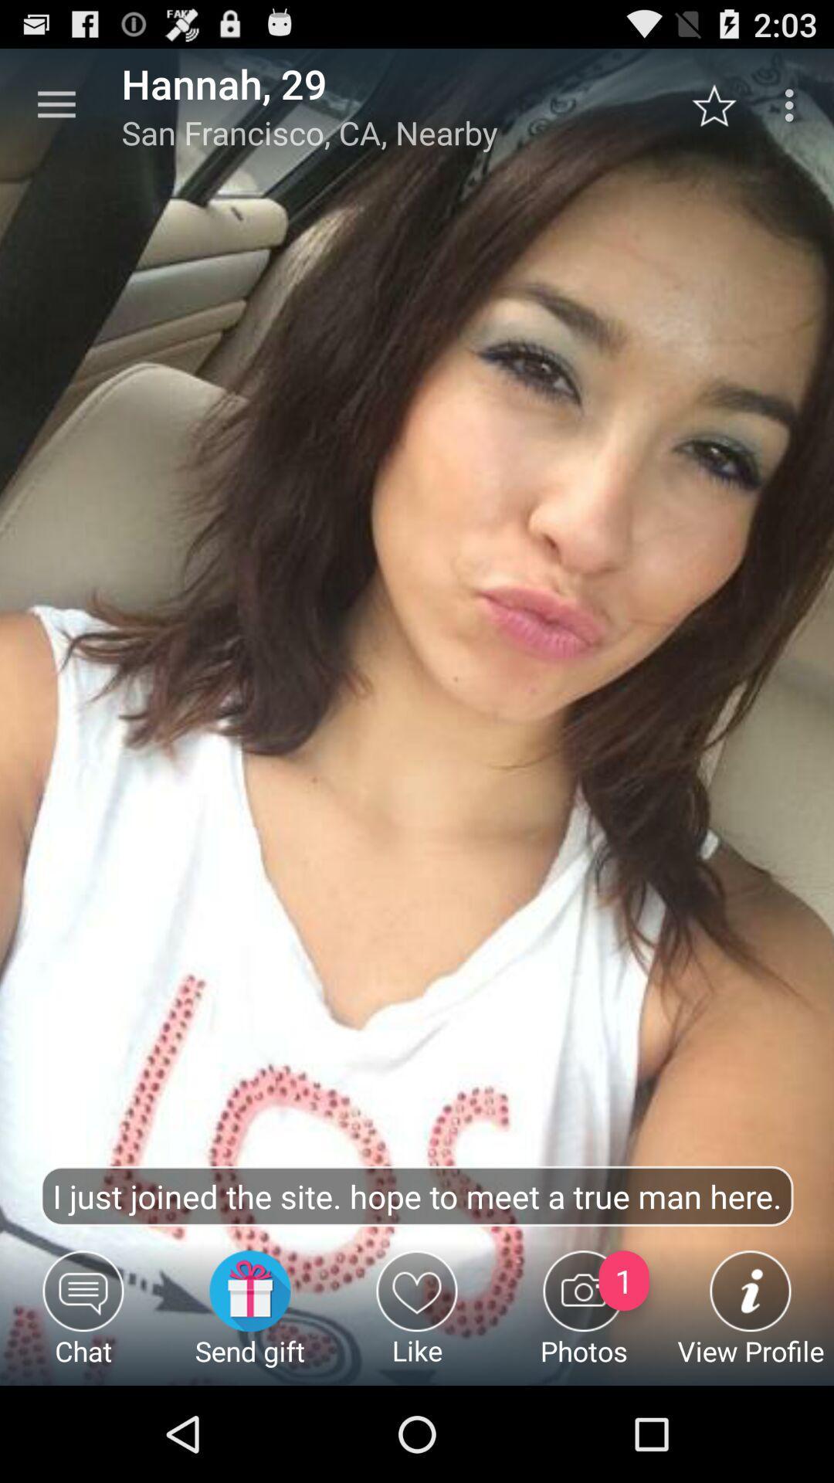 Image resolution: width=834 pixels, height=1483 pixels. Describe the element at coordinates (249, 1317) in the screenshot. I see `the item below i just joined` at that location.